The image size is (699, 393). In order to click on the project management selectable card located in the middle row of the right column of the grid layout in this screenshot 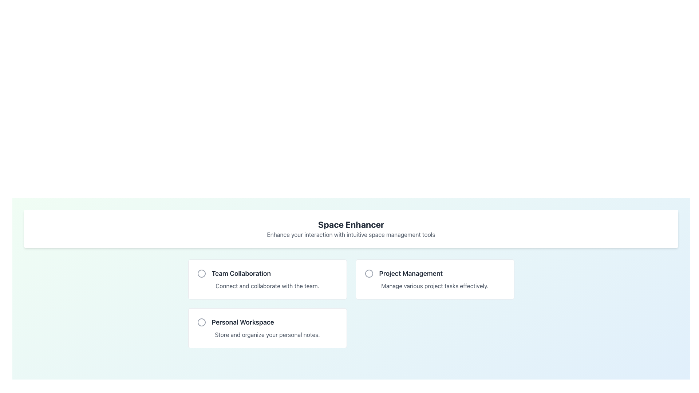, I will do `click(435, 279)`.